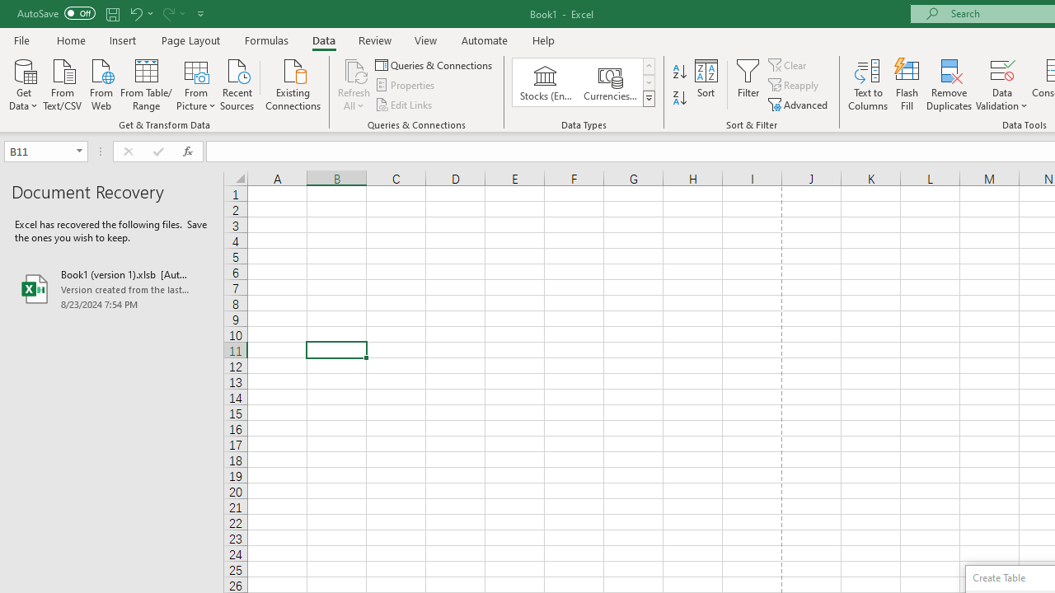  I want to click on 'Data', so click(323, 40).